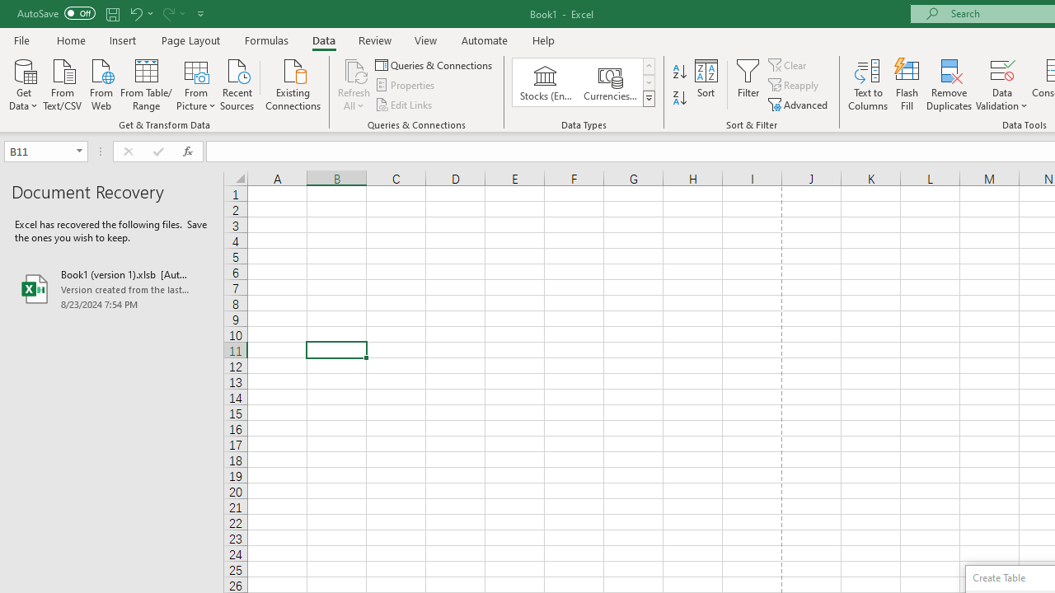  I want to click on 'Data', so click(323, 40).